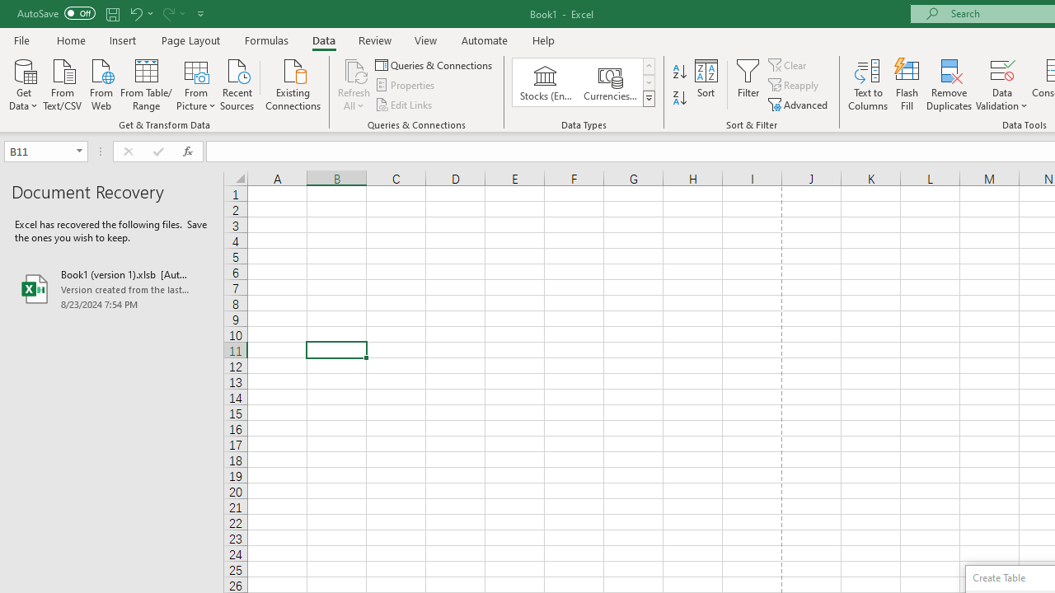  I want to click on 'Data', so click(323, 40).